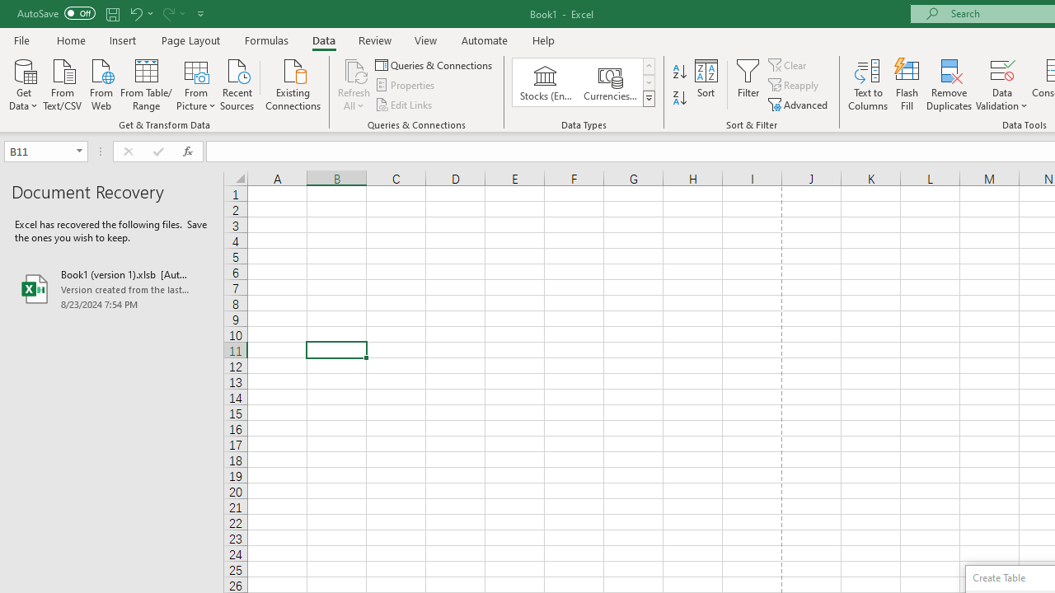  I want to click on 'Data', so click(323, 40).